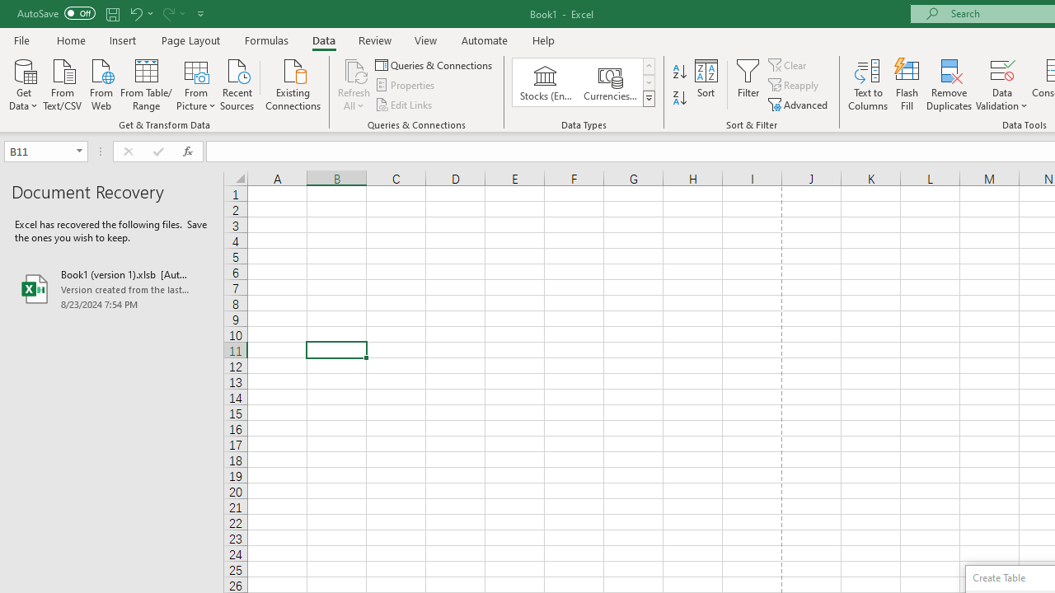  I want to click on 'Data', so click(323, 40).